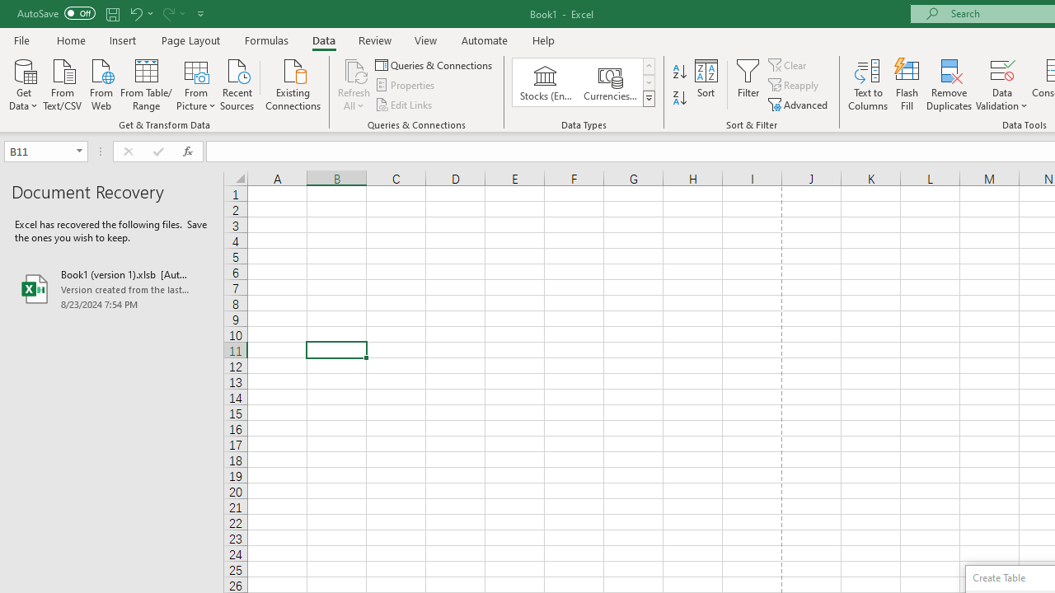  I want to click on 'Data', so click(323, 40).